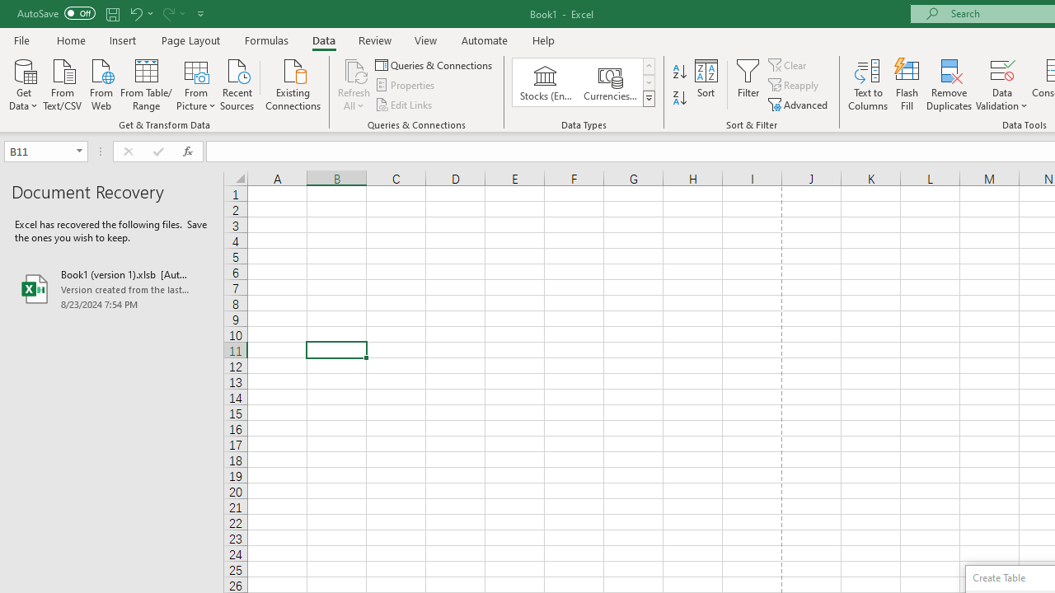  I want to click on 'Data', so click(323, 40).